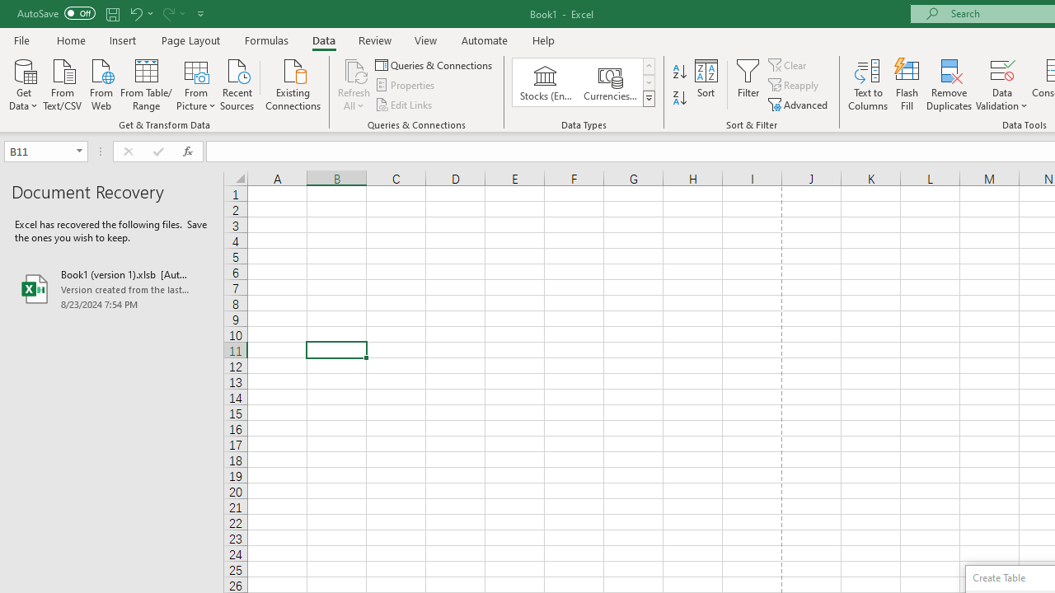  I want to click on 'Data', so click(323, 40).